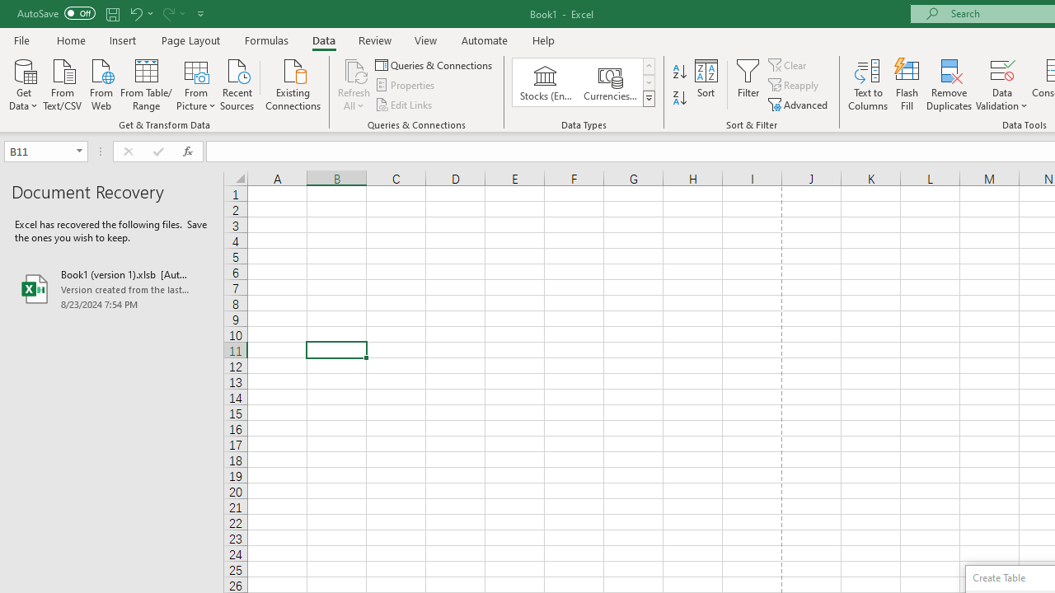  I want to click on 'Data', so click(323, 40).